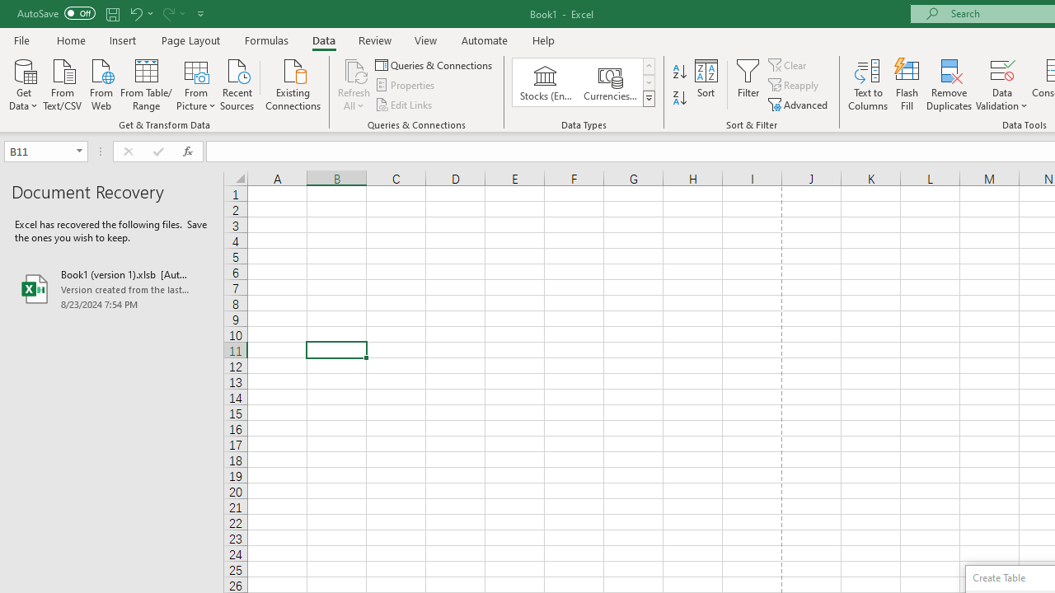  I want to click on 'Data', so click(323, 40).